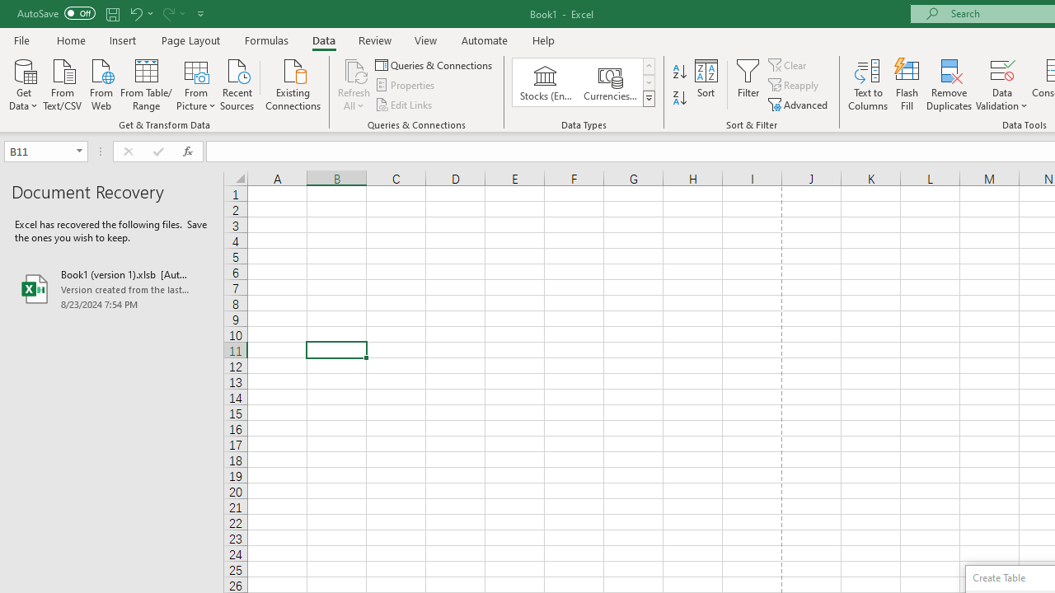  I want to click on 'Data', so click(323, 40).